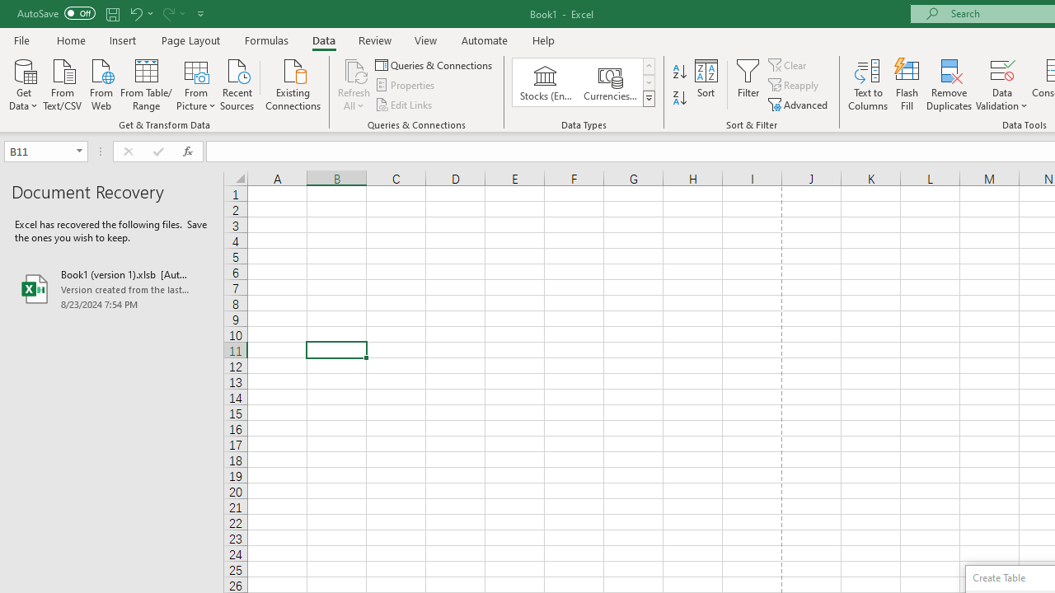  I want to click on 'Data', so click(323, 40).